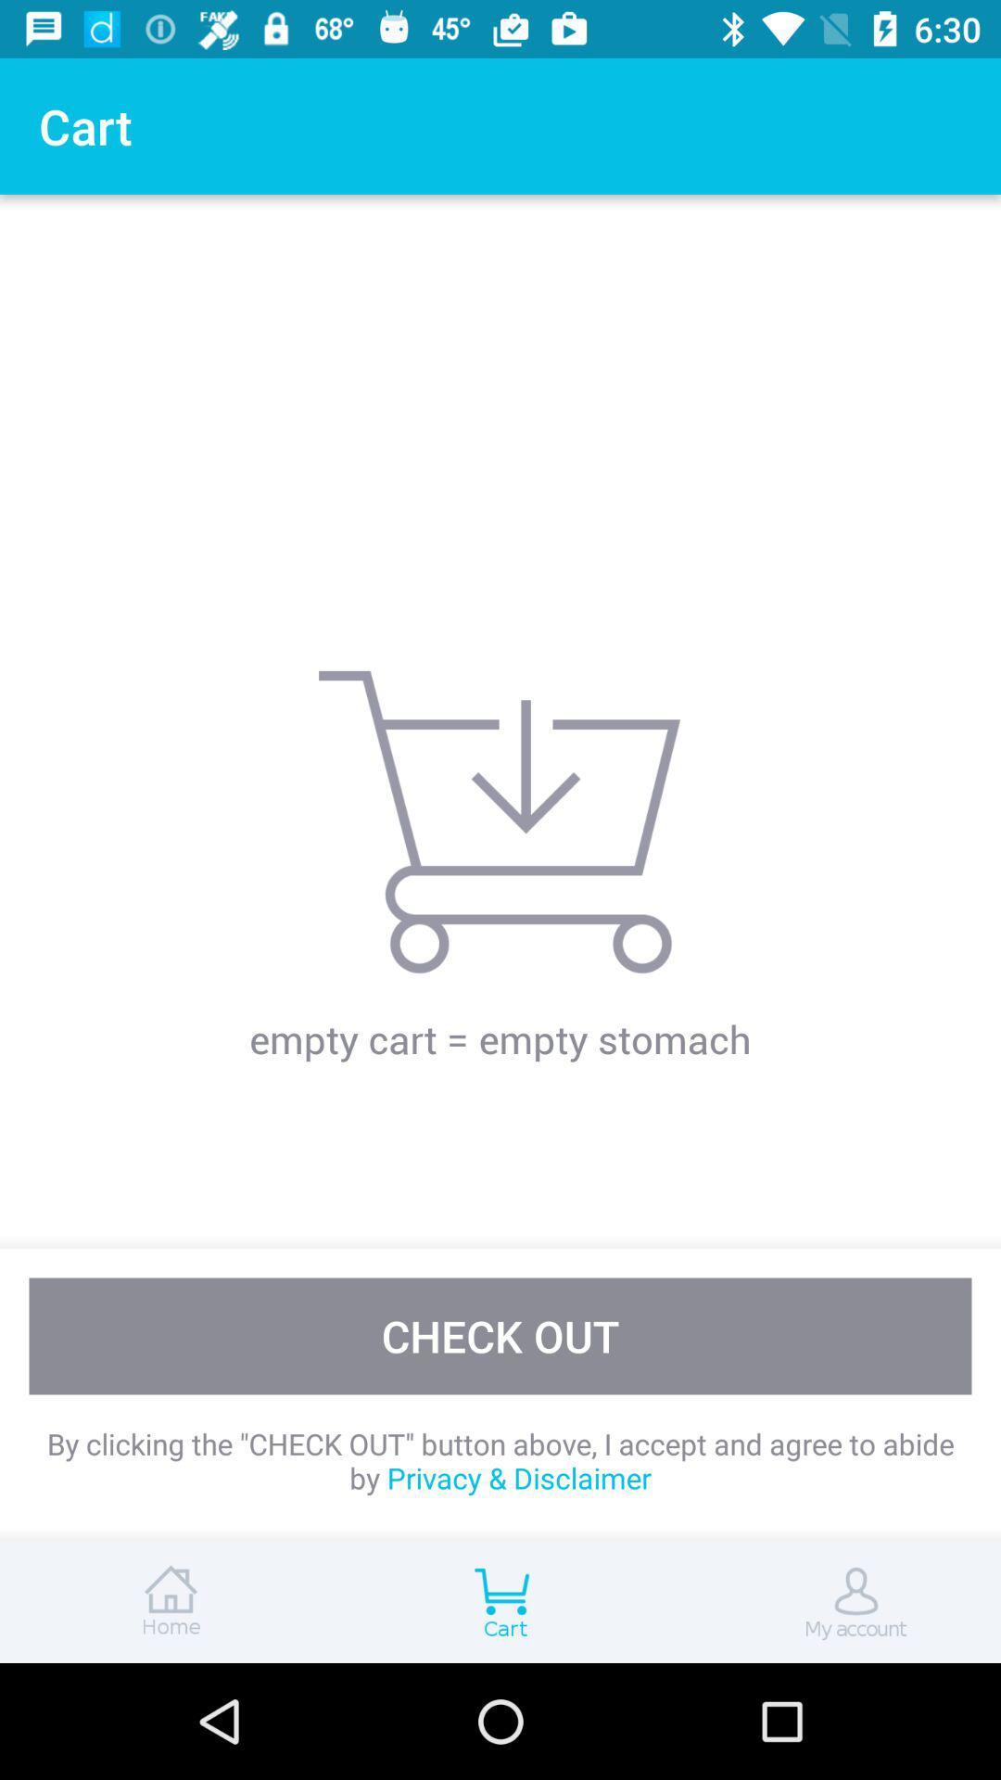 This screenshot has width=1001, height=1780. I want to click on shopping cart, so click(500, 1601).